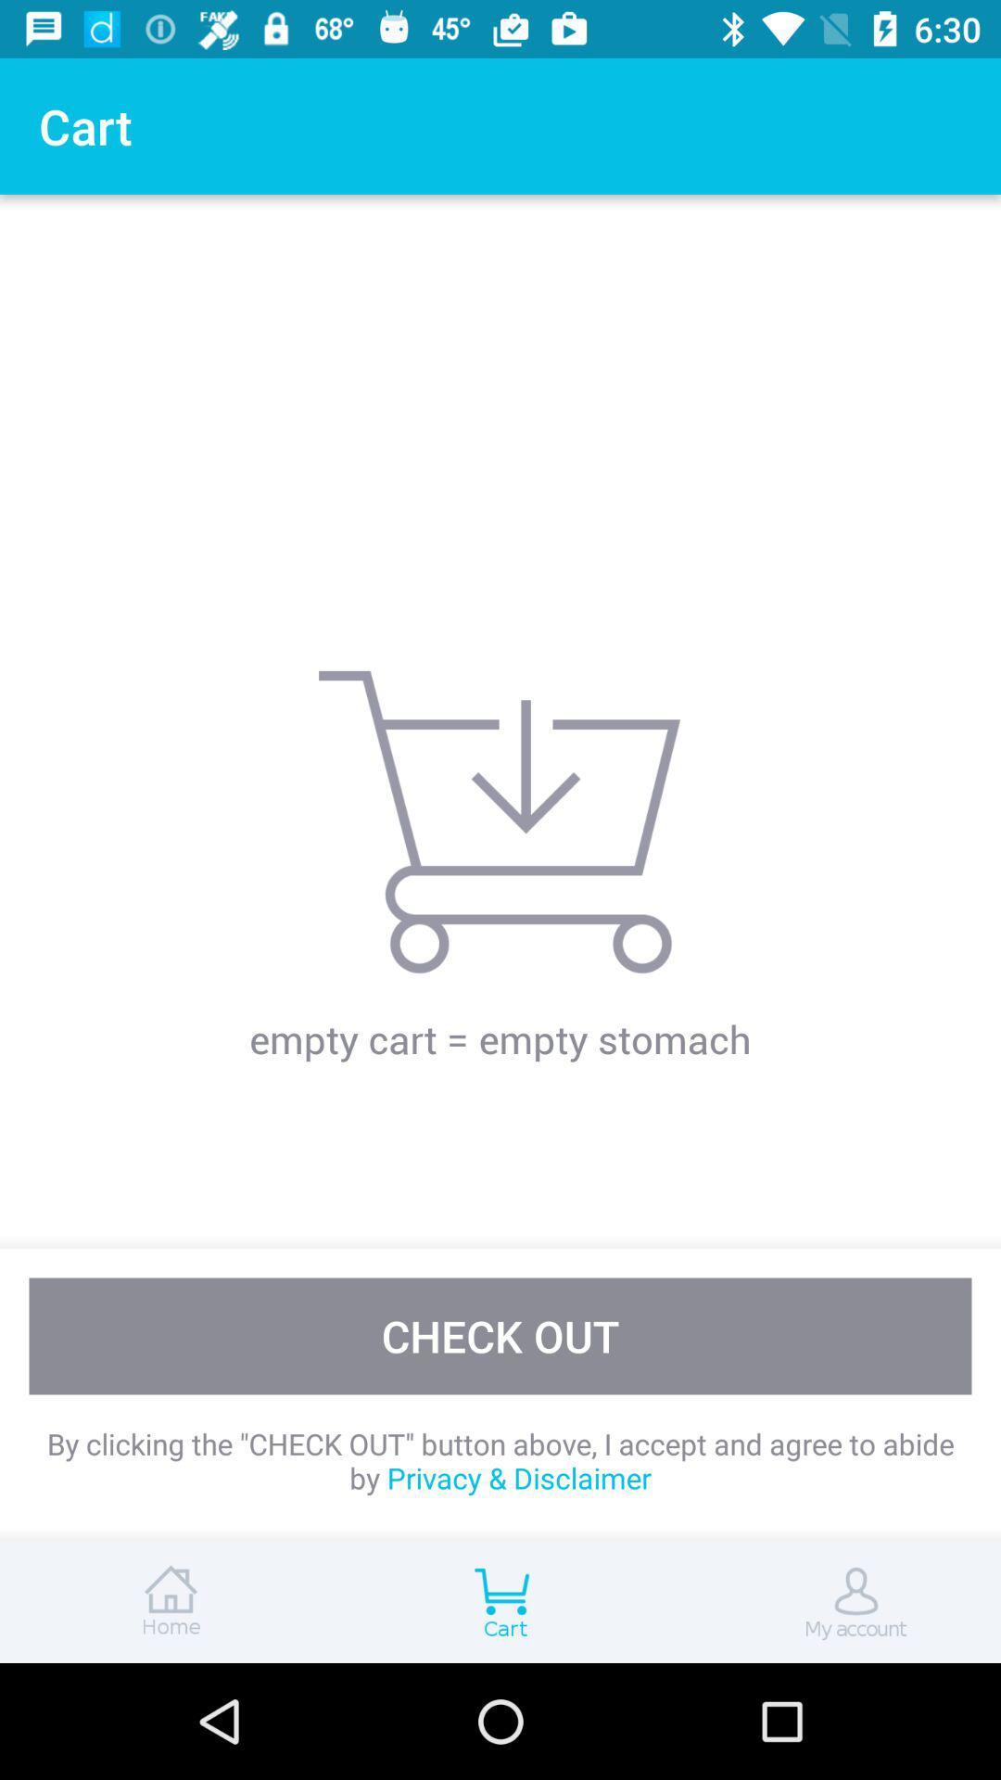 This screenshot has width=1001, height=1780. I want to click on shopping cart, so click(500, 1601).